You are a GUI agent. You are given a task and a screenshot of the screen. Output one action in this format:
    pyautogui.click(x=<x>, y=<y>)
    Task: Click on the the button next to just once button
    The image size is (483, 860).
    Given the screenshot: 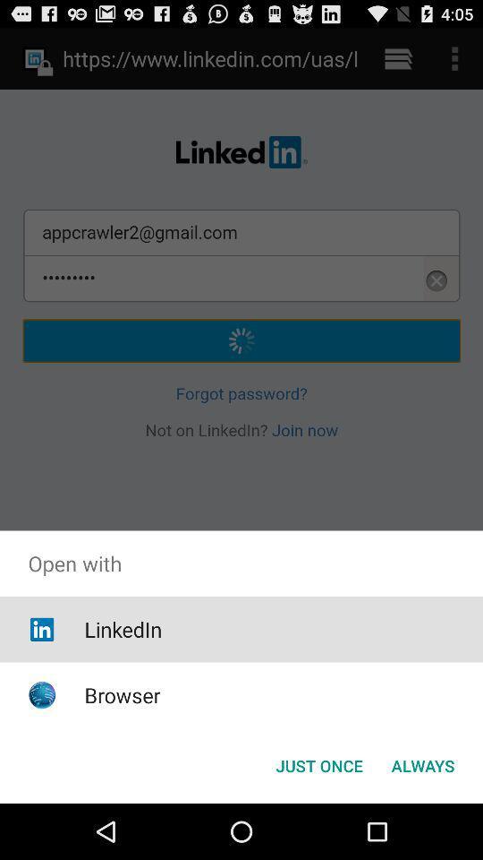 What is the action you would take?
    pyautogui.click(x=422, y=764)
    